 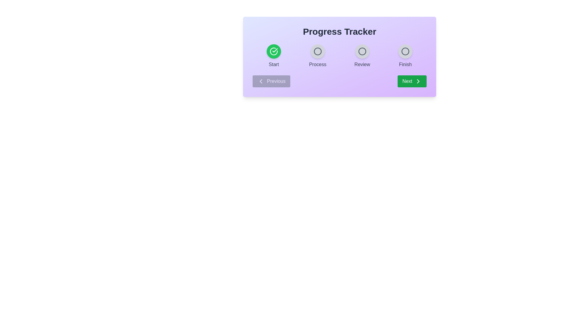 What do you see at coordinates (271, 81) in the screenshot?
I see `disabled navigation button on the left side of the 'Next' button in the navigation bar, which is currently inactive and cannot be clicked` at bounding box center [271, 81].